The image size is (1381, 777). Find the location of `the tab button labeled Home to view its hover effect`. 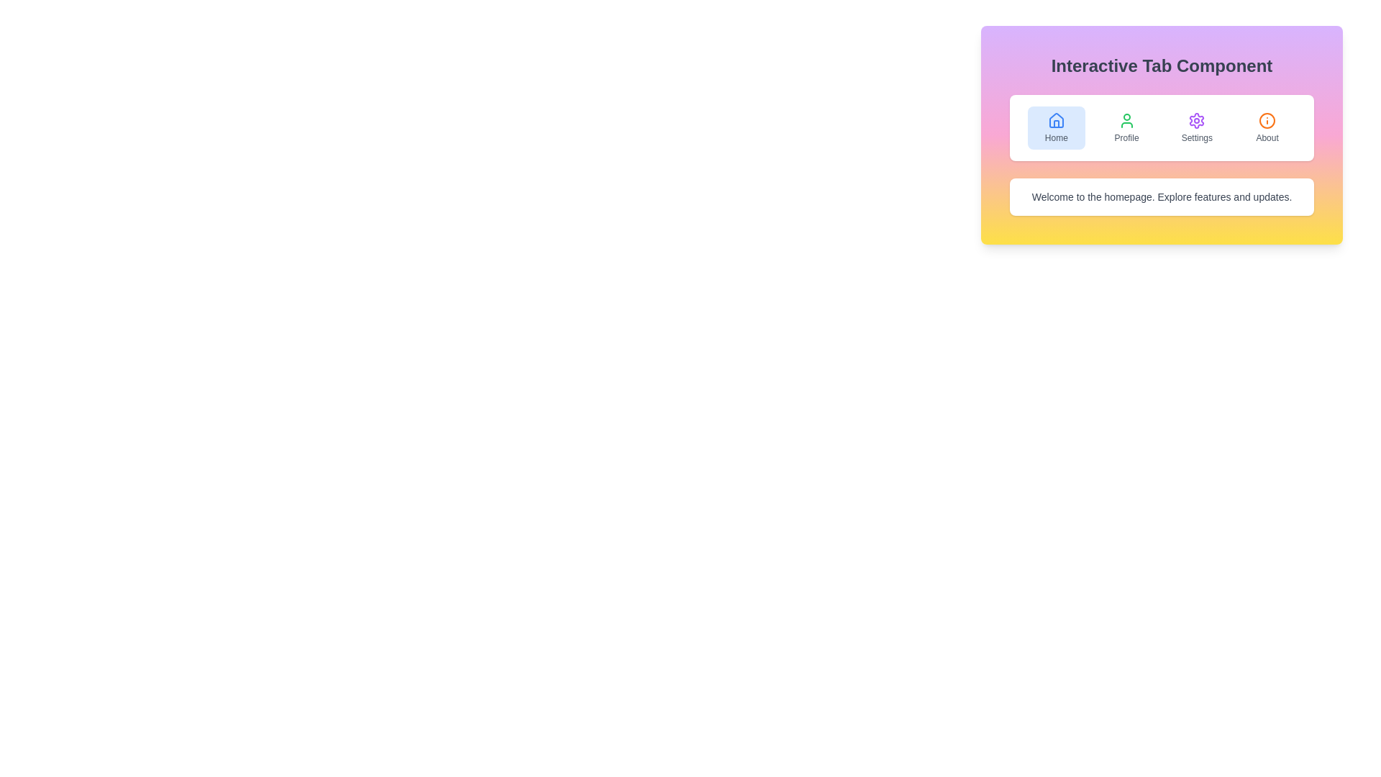

the tab button labeled Home to view its hover effect is located at coordinates (1056, 127).